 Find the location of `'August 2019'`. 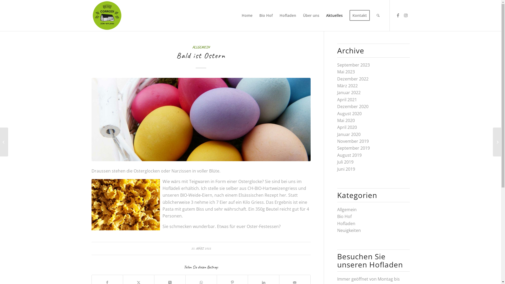

'August 2019' is located at coordinates (349, 155).